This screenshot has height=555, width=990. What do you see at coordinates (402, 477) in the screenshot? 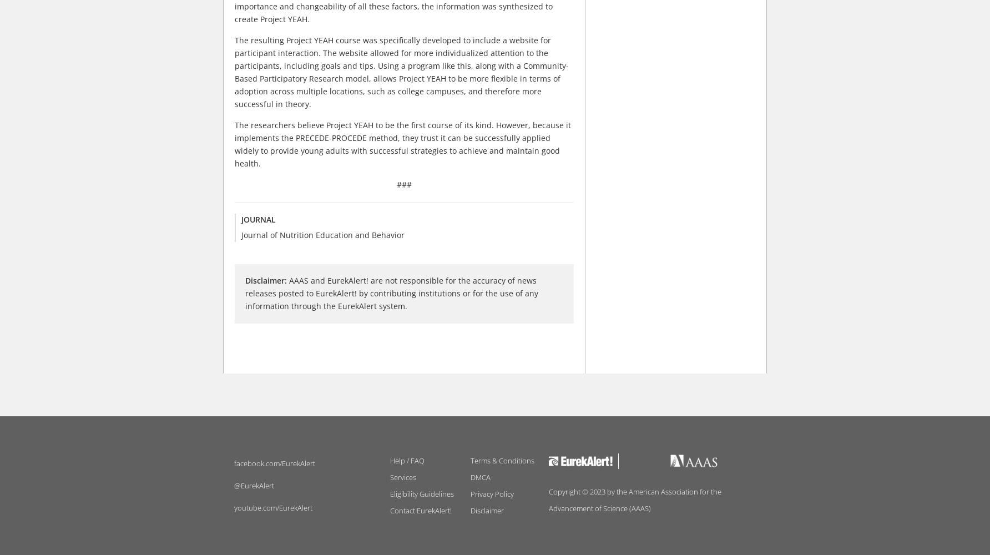
I see `'Services'` at bounding box center [402, 477].